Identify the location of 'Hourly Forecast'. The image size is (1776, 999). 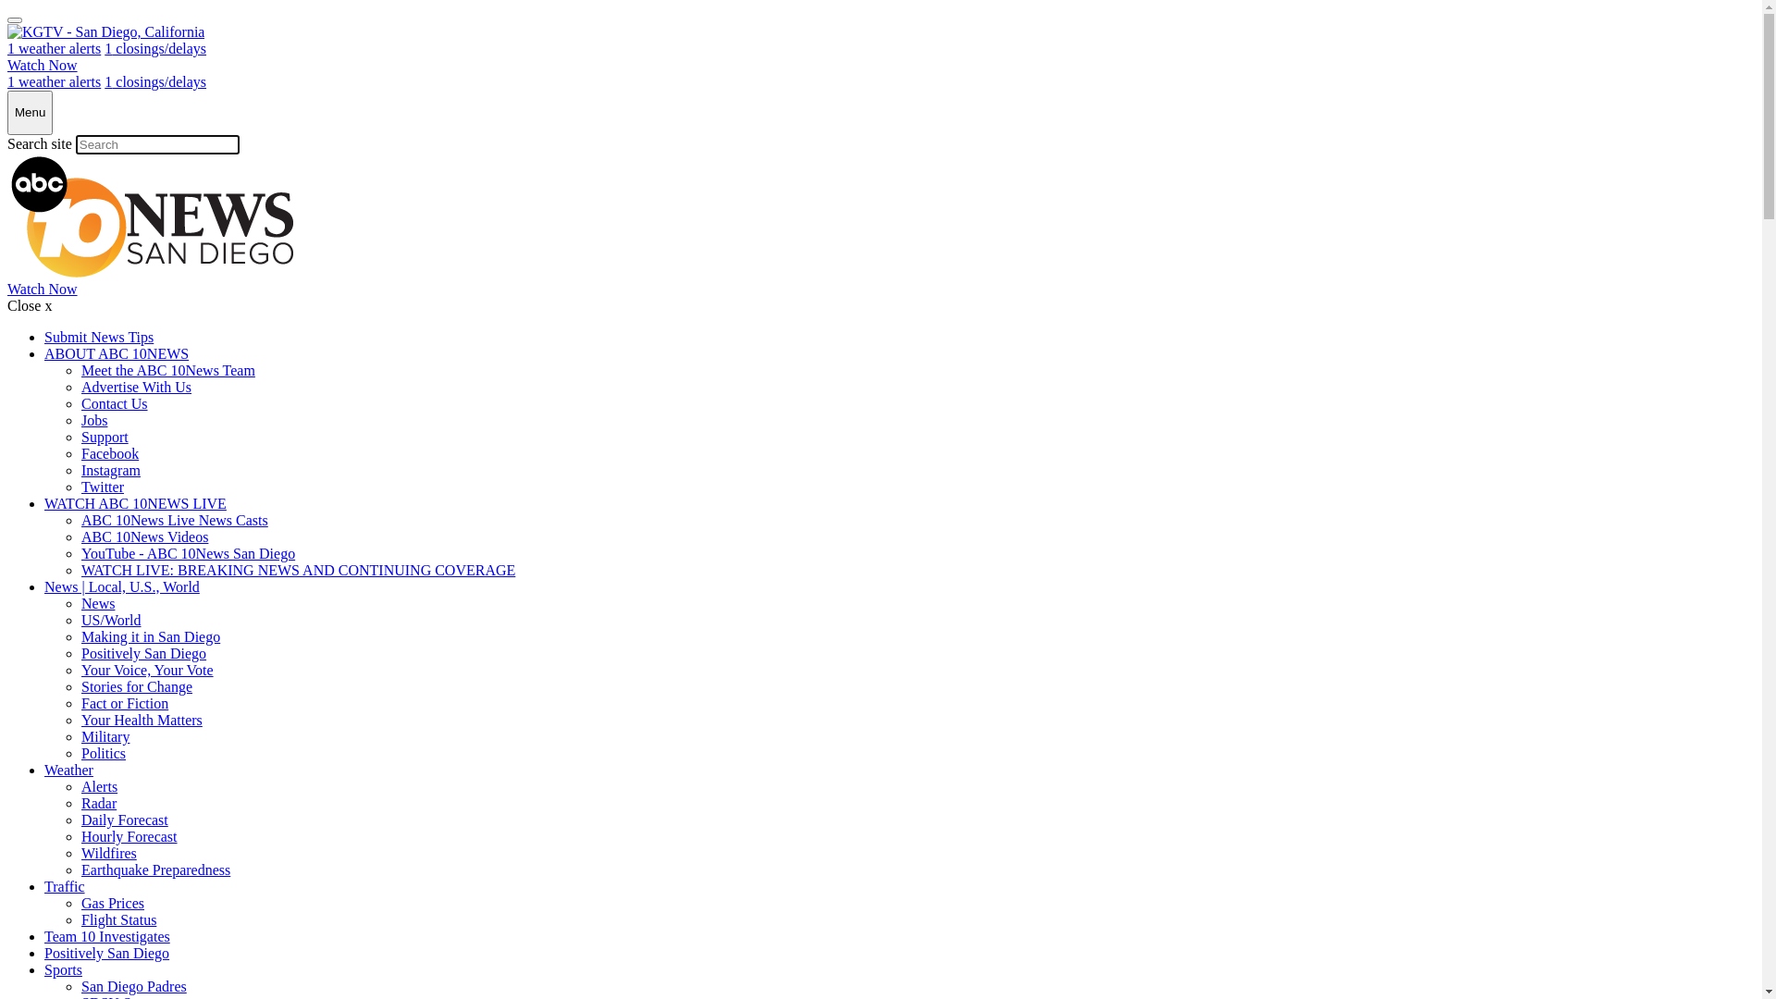
(128, 836).